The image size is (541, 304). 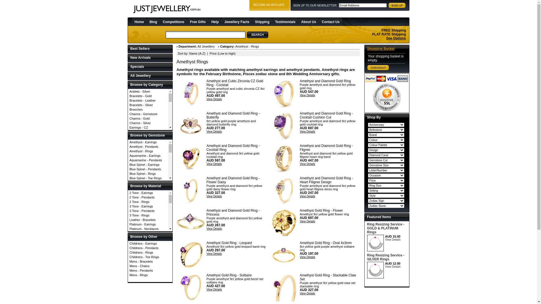 I want to click on 'Blog', so click(x=147, y=21).